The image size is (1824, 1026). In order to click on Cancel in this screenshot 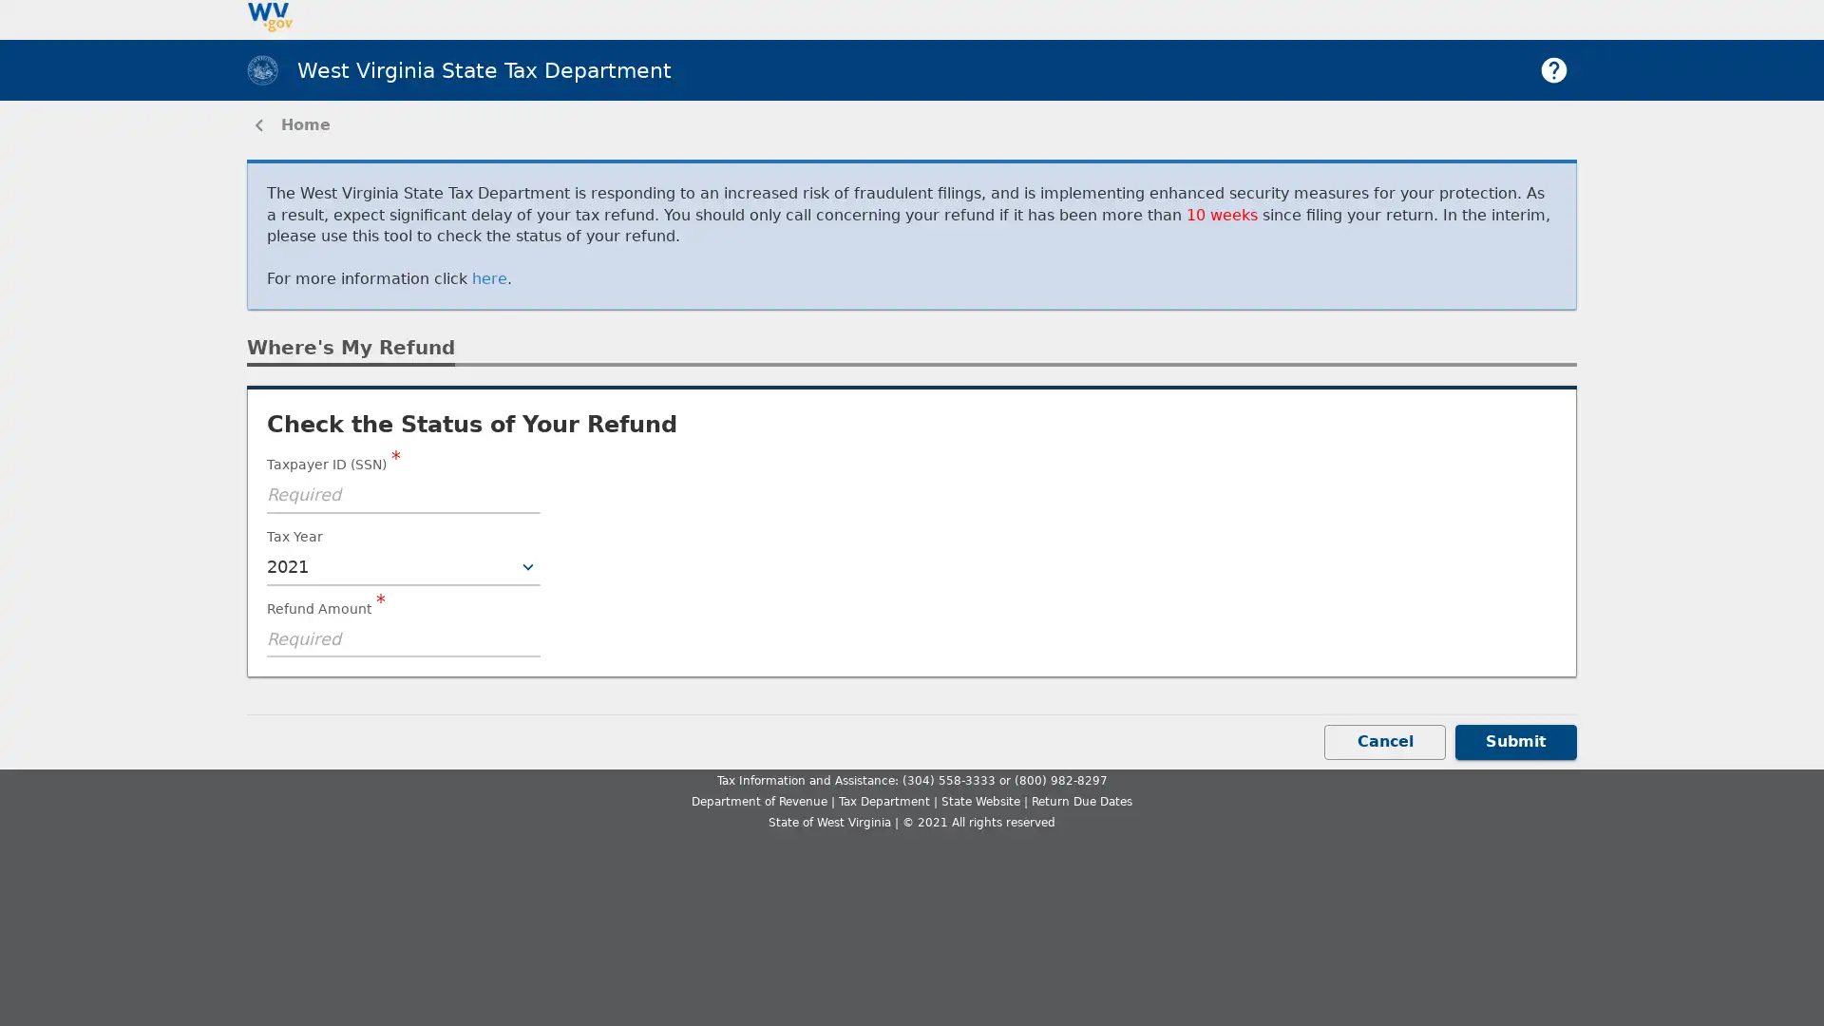, I will do `click(1385, 740)`.